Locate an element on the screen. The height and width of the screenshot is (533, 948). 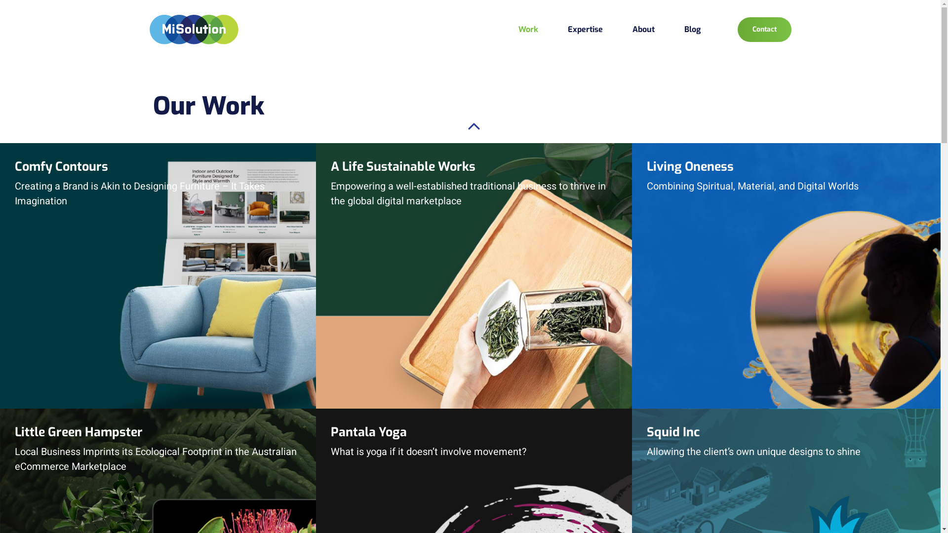
'Work' is located at coordinates (518, 29).